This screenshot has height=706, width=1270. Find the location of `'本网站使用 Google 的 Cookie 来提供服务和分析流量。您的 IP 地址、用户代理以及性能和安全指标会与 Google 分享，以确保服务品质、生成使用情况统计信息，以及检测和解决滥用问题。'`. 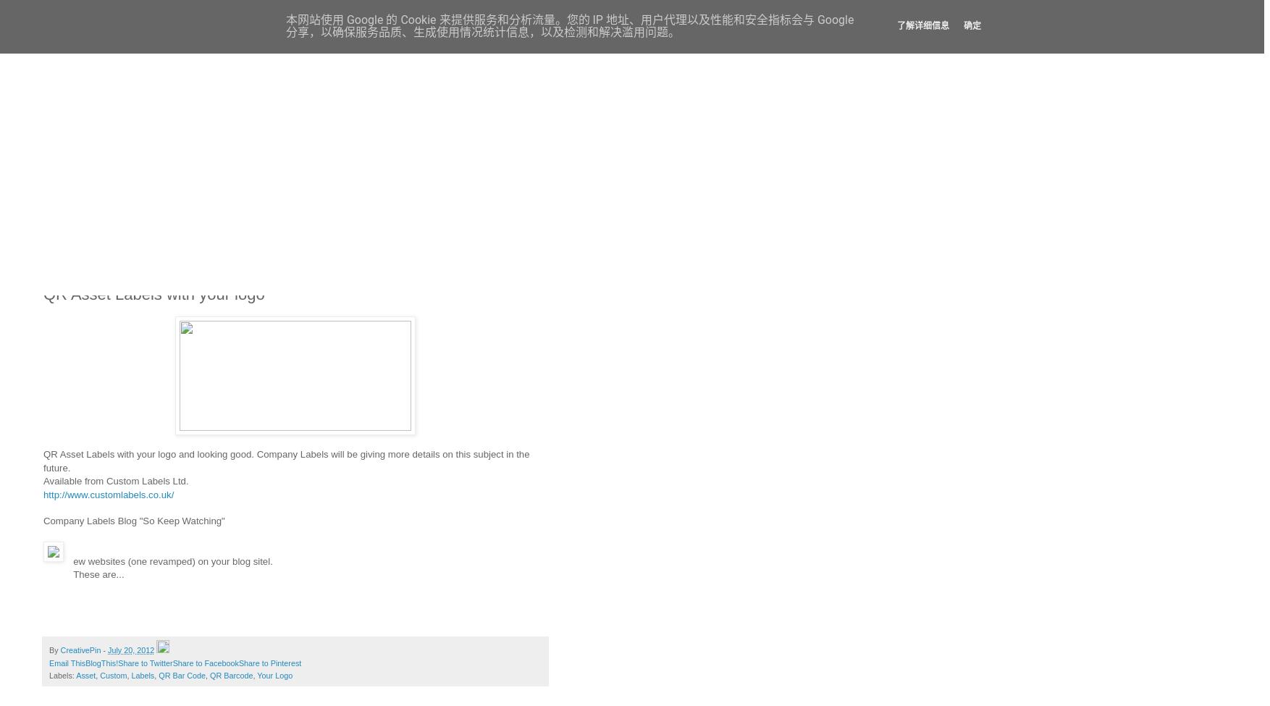

'本网站使用 Google 的 Cookie 来提供服务和分析流量。您的 IP 地址、用户代理以及性能和安全指标会与 Google 分享，以确保服务品质、生成使用情况统计信息，以及检测和解决滥用问题。' is located at coordinates (570, 25).